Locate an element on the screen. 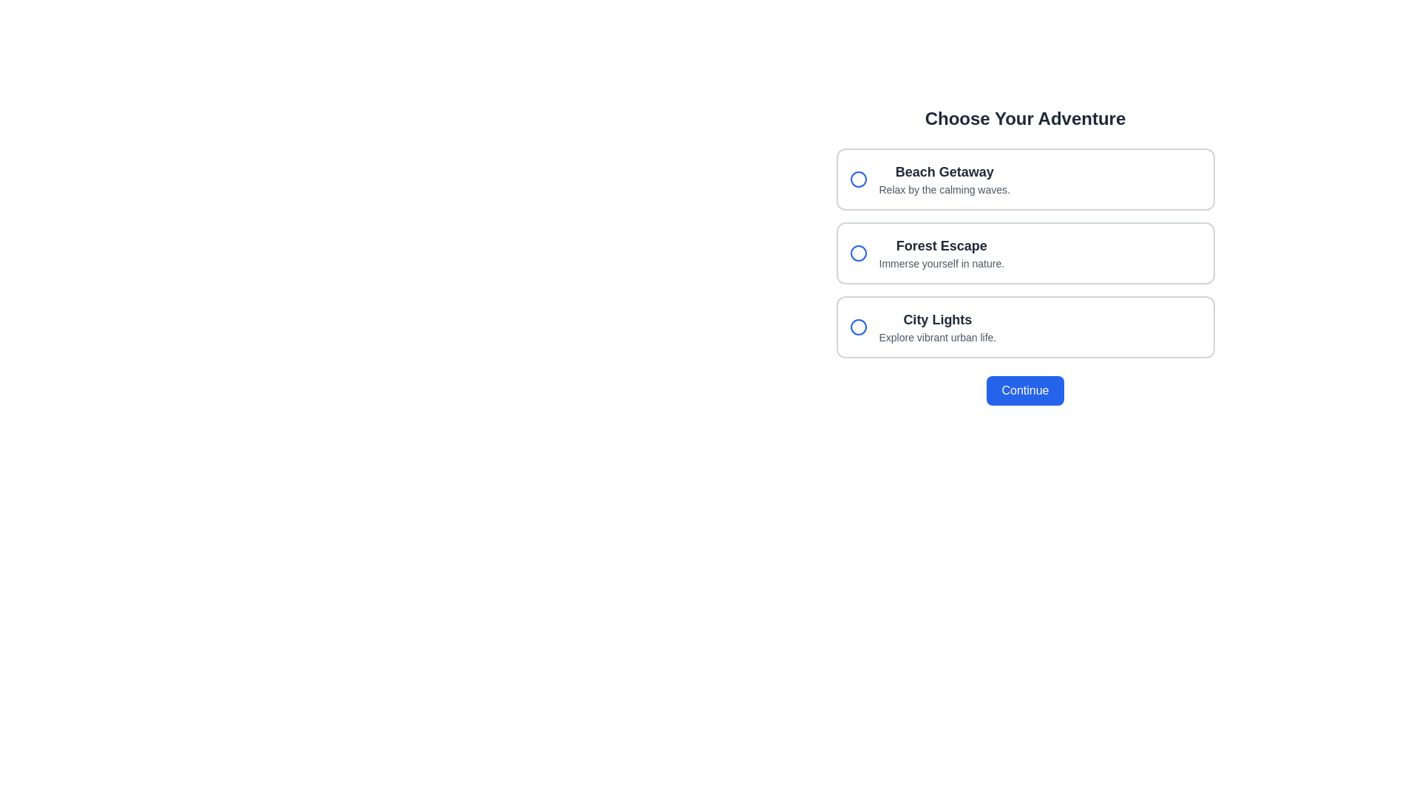 The width and height of the screenshot is (1419, 798). text from the text block titled 'Beach Getaway' which contains a subtitle 'Relax by the calming waves' is located at coordinates (944, 179).